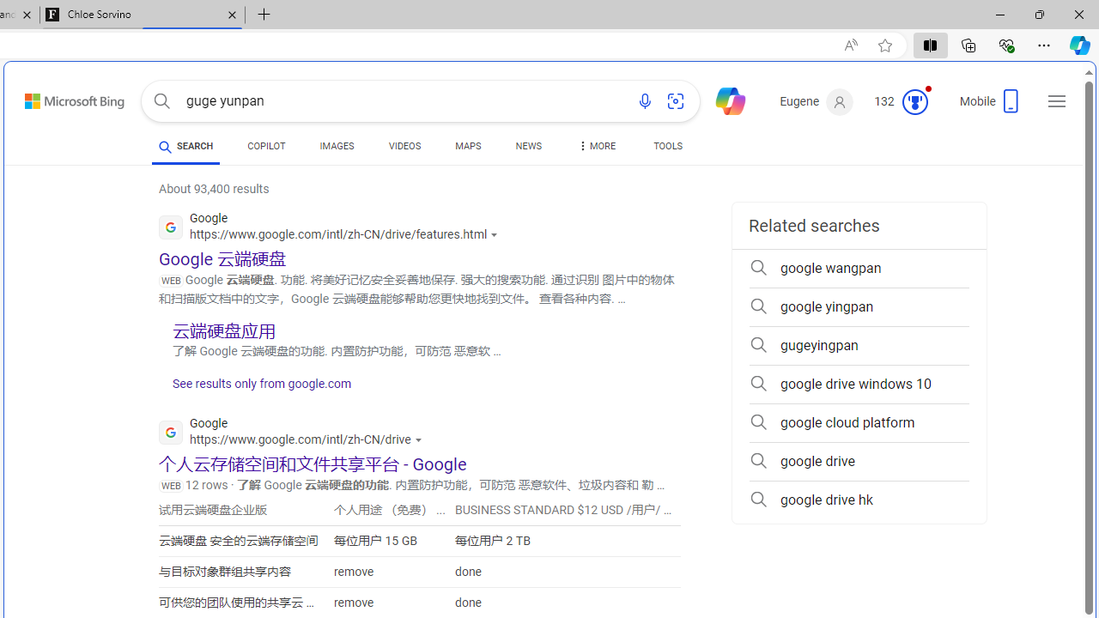 The height and width of the screenshot is (618, 1099). I want to click on 'Add this page to favorites (Ctrl+D)', so click(885, 45).